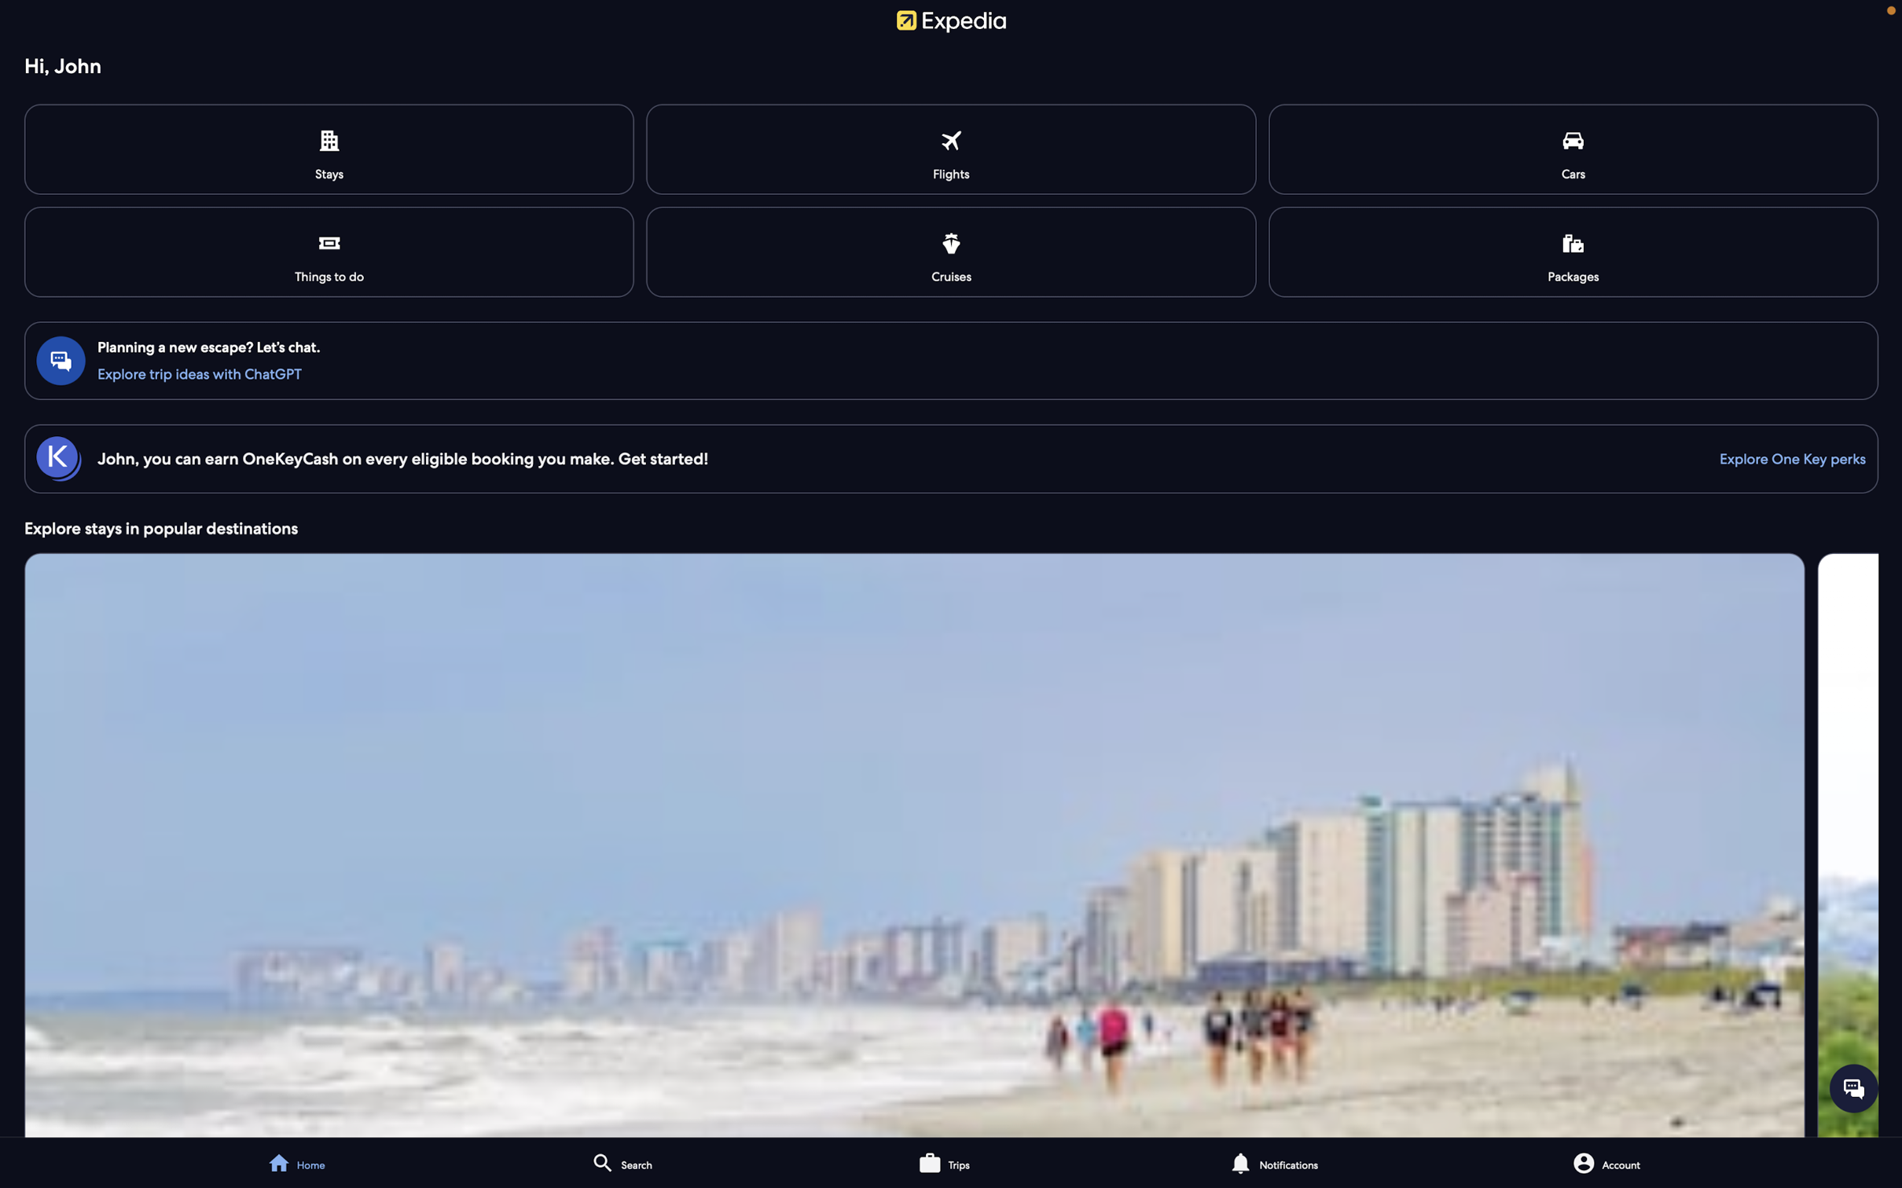  Describe the element at coordinates (953, 372) in the screenshot. I see `the ChatGPT module` at that location.